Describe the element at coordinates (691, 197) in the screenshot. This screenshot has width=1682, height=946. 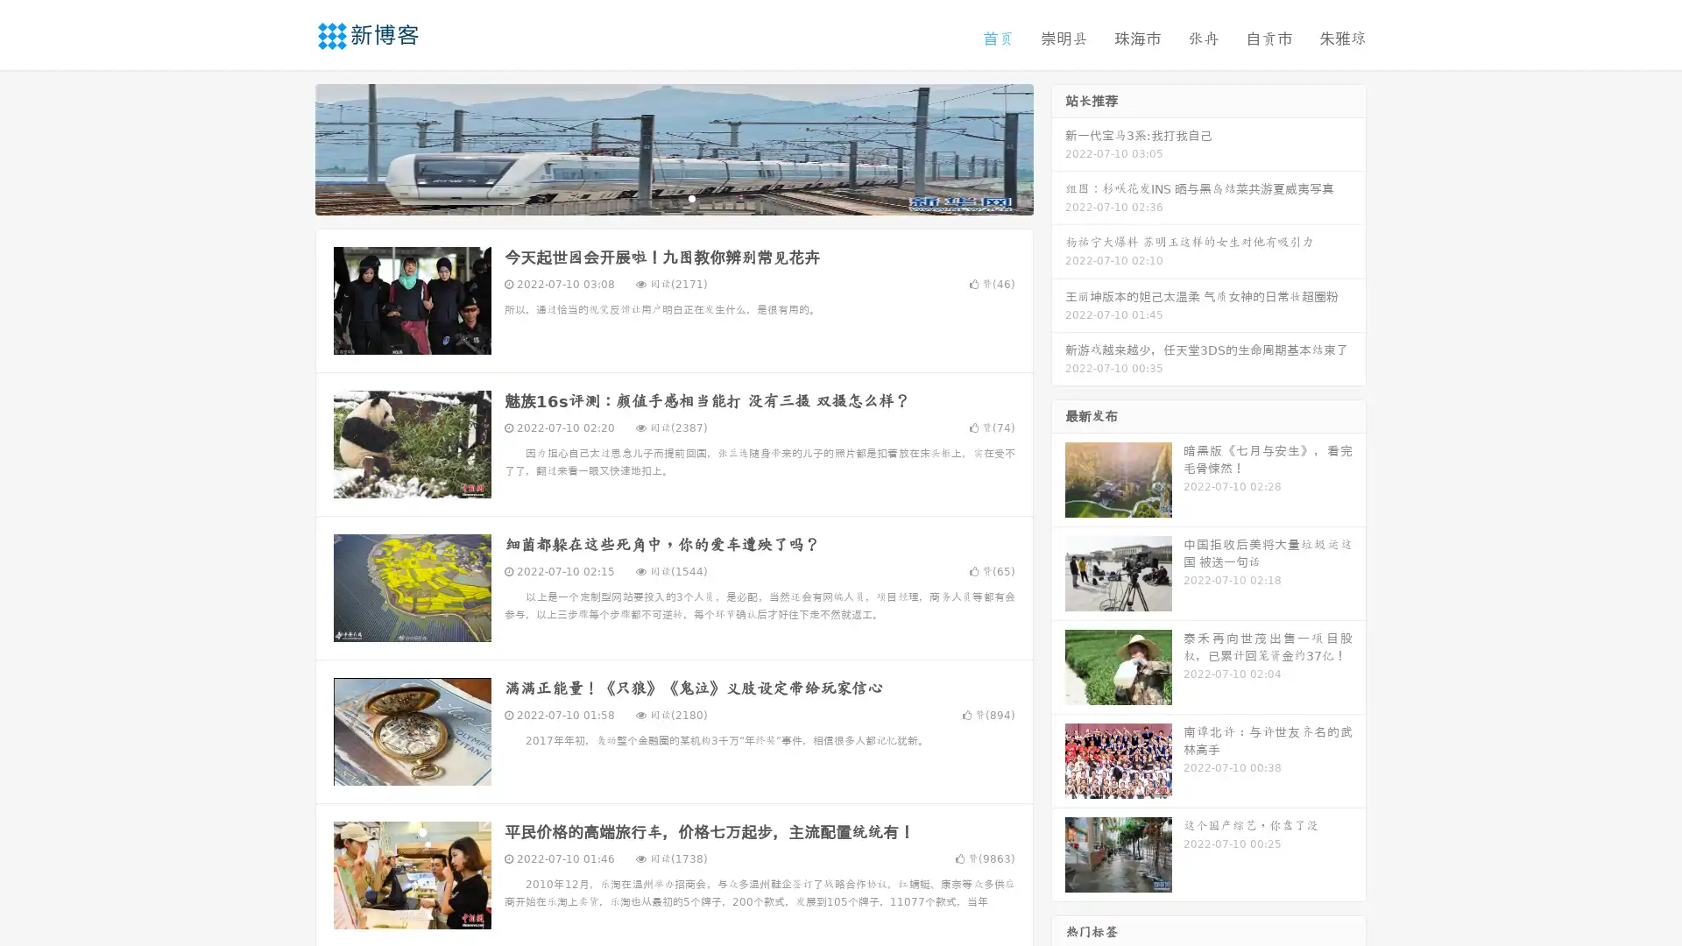
I see `Go to slide 3` at that location.